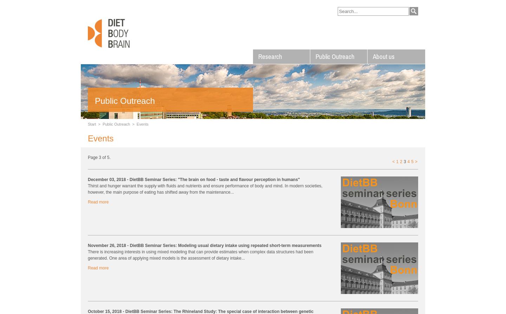  I want to click on 'About us', so click(383, 56).